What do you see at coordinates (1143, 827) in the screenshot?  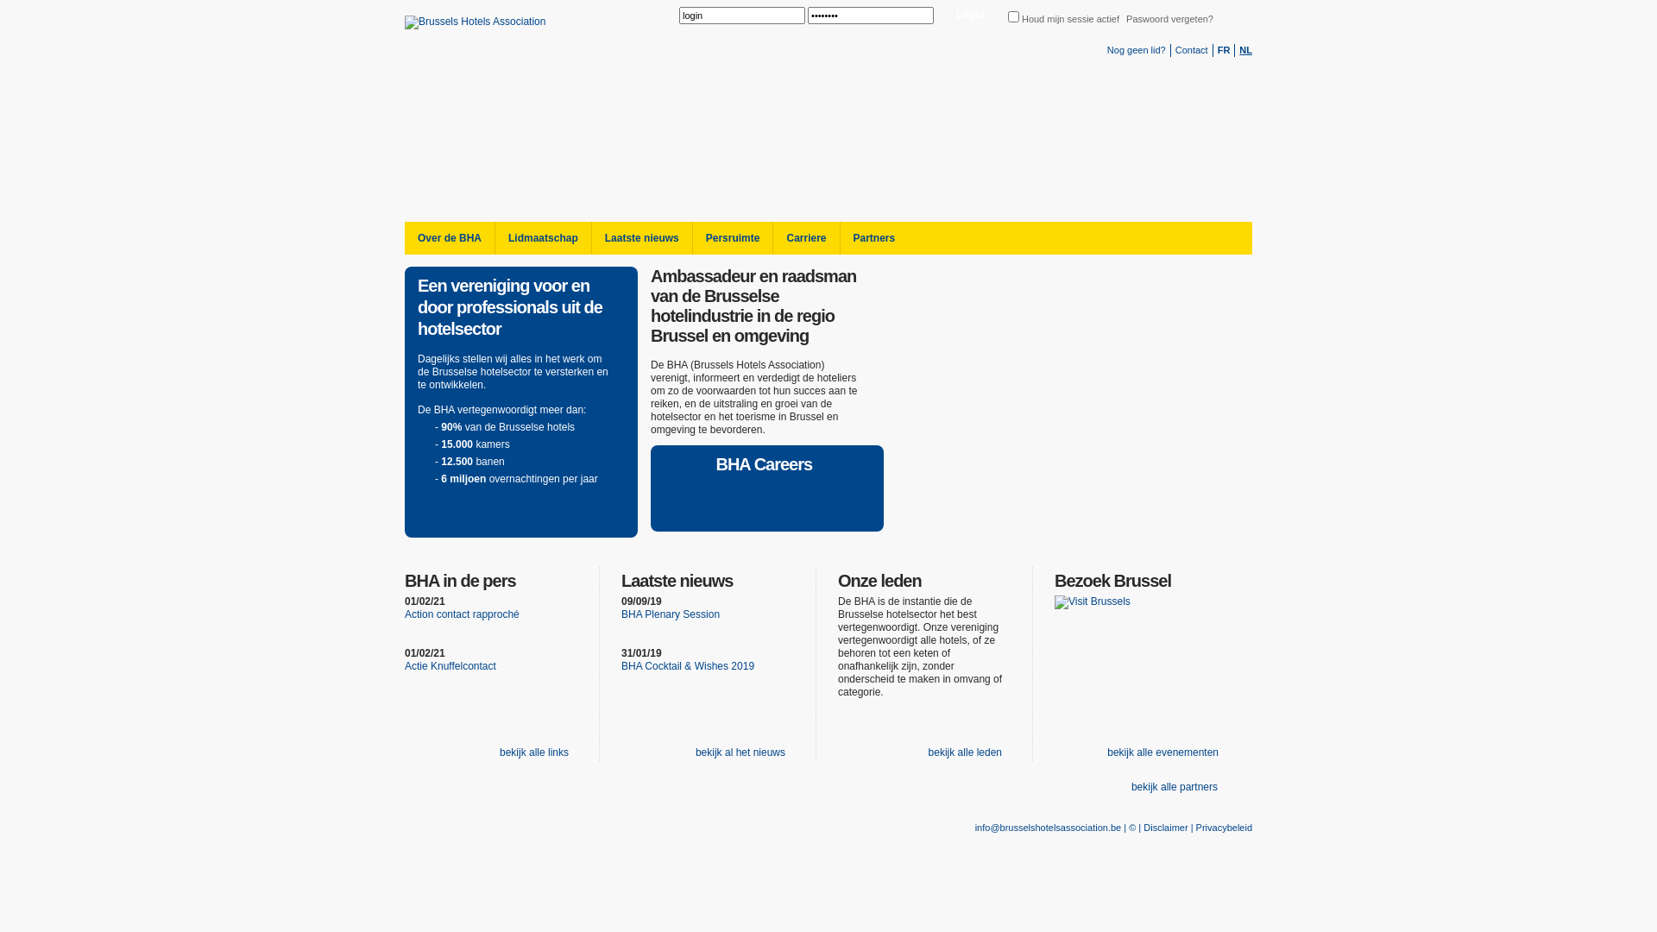 I see `'Disclaimer'` at bounding box center [1143, 827].